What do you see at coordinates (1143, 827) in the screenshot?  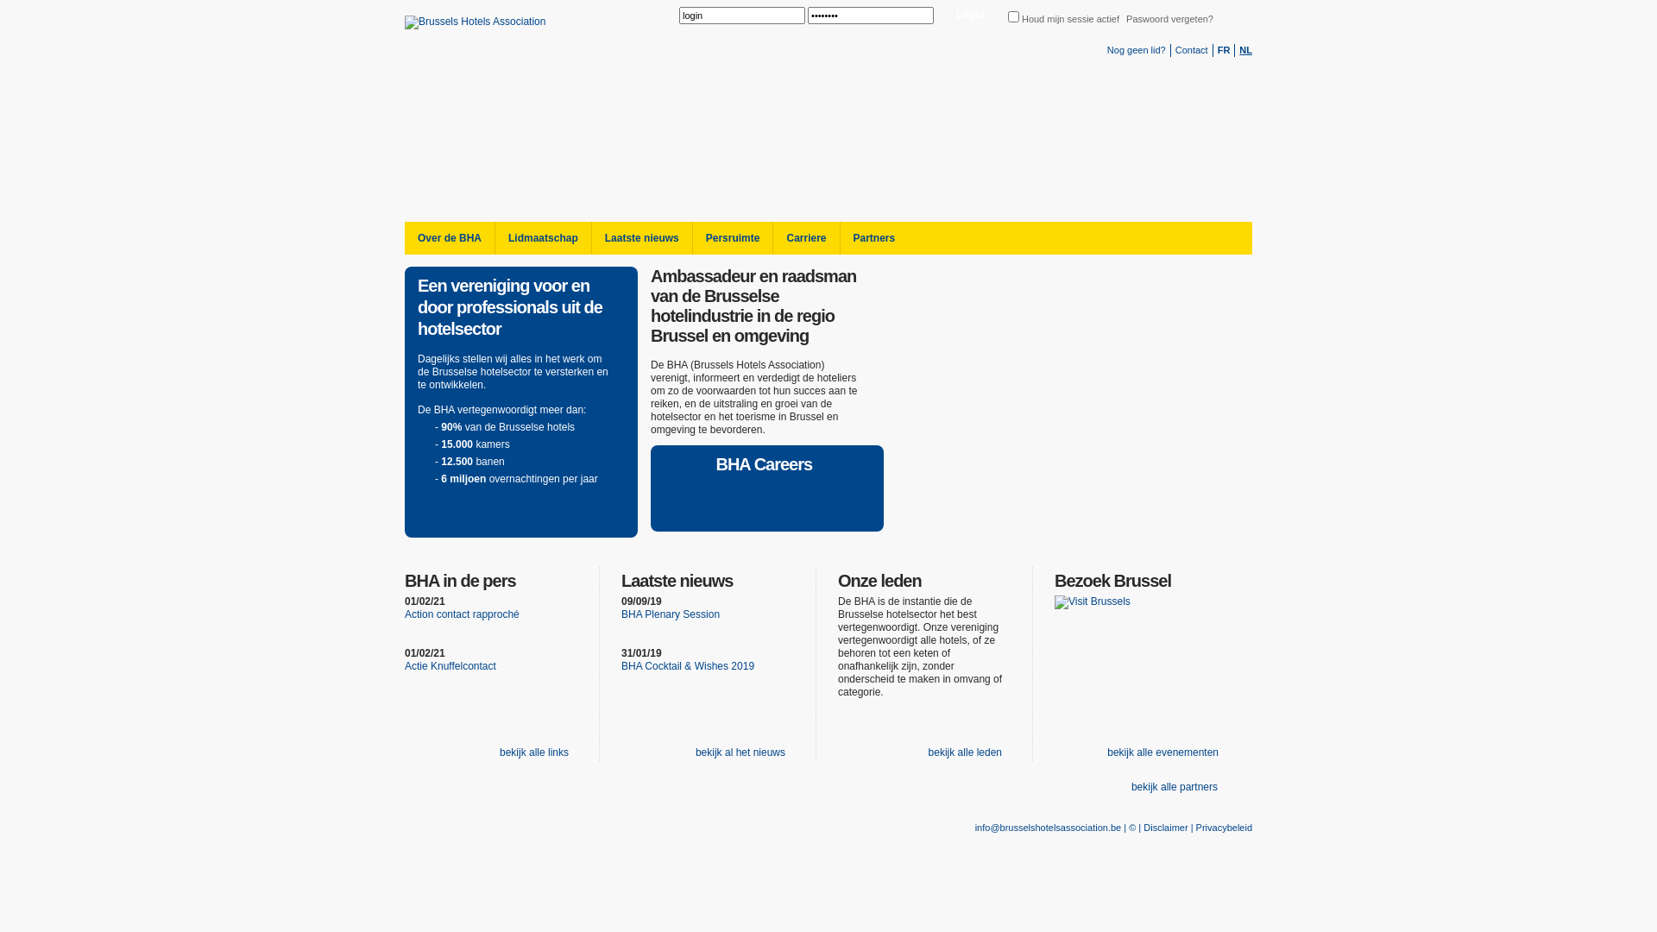 I see `'Disclaimer'` at bounding box center [1143, 827].